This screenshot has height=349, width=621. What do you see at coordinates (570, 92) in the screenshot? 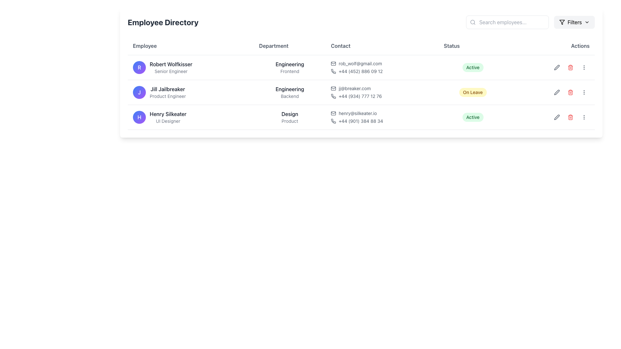
I see `the small red trash bin button located in the action column of the second row in the employee directory grid to observe the hover effect` at bounding box center [570, 92].